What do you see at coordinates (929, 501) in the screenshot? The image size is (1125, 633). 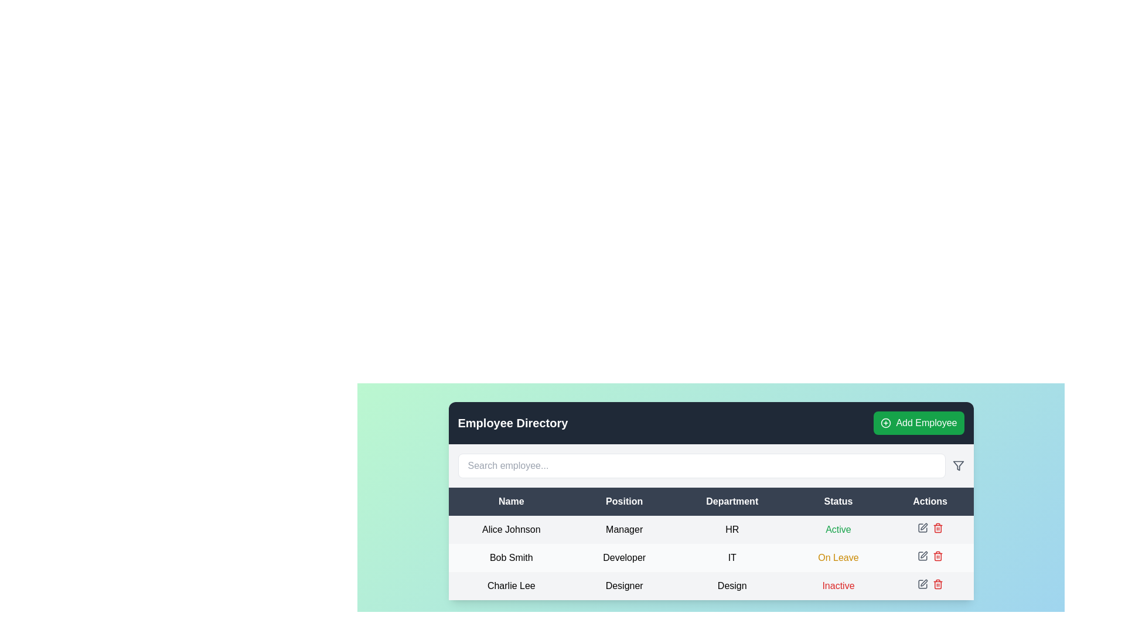 I see `the 'Actions' label, which is styled with a dark background and white text, located in the fifth position of the header row in the table layout` at bounding box center [929, 501].